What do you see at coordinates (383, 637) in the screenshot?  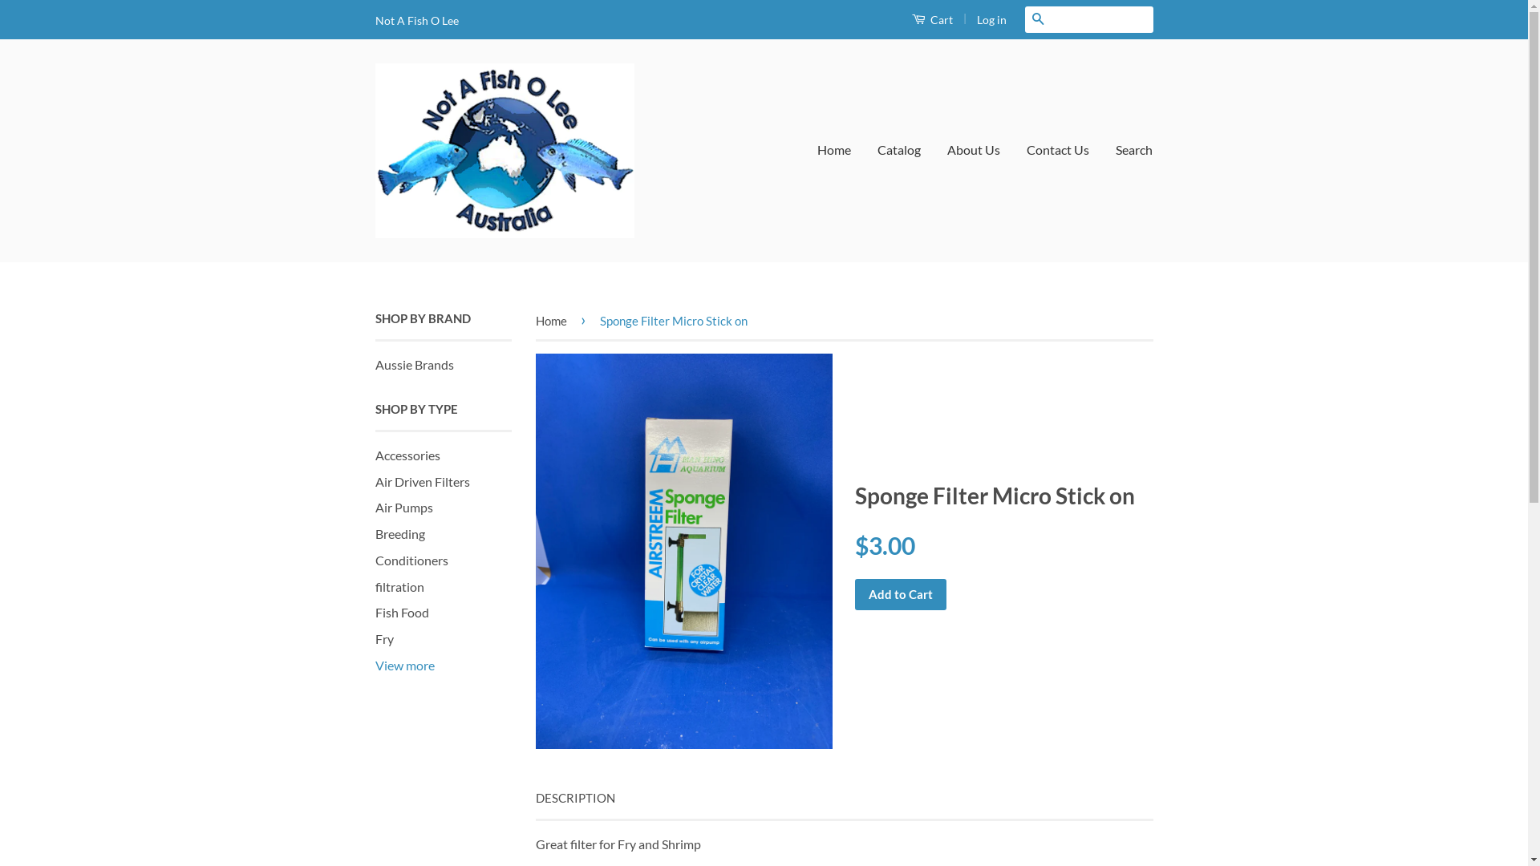 I see `'Fry'` at bounding box center [383, 637].